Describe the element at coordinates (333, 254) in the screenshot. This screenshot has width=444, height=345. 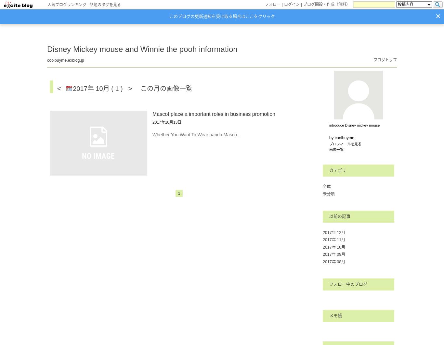
I see `'2017年 09月'` at that location.